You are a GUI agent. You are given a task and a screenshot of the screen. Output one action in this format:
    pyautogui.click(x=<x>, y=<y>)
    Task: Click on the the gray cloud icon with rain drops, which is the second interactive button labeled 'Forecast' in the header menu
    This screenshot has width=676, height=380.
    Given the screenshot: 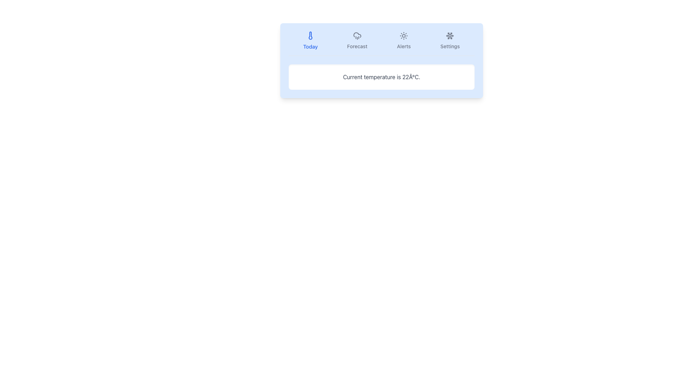 What is the action you would take?
    pyautogui.click(x=357, y=36)
    